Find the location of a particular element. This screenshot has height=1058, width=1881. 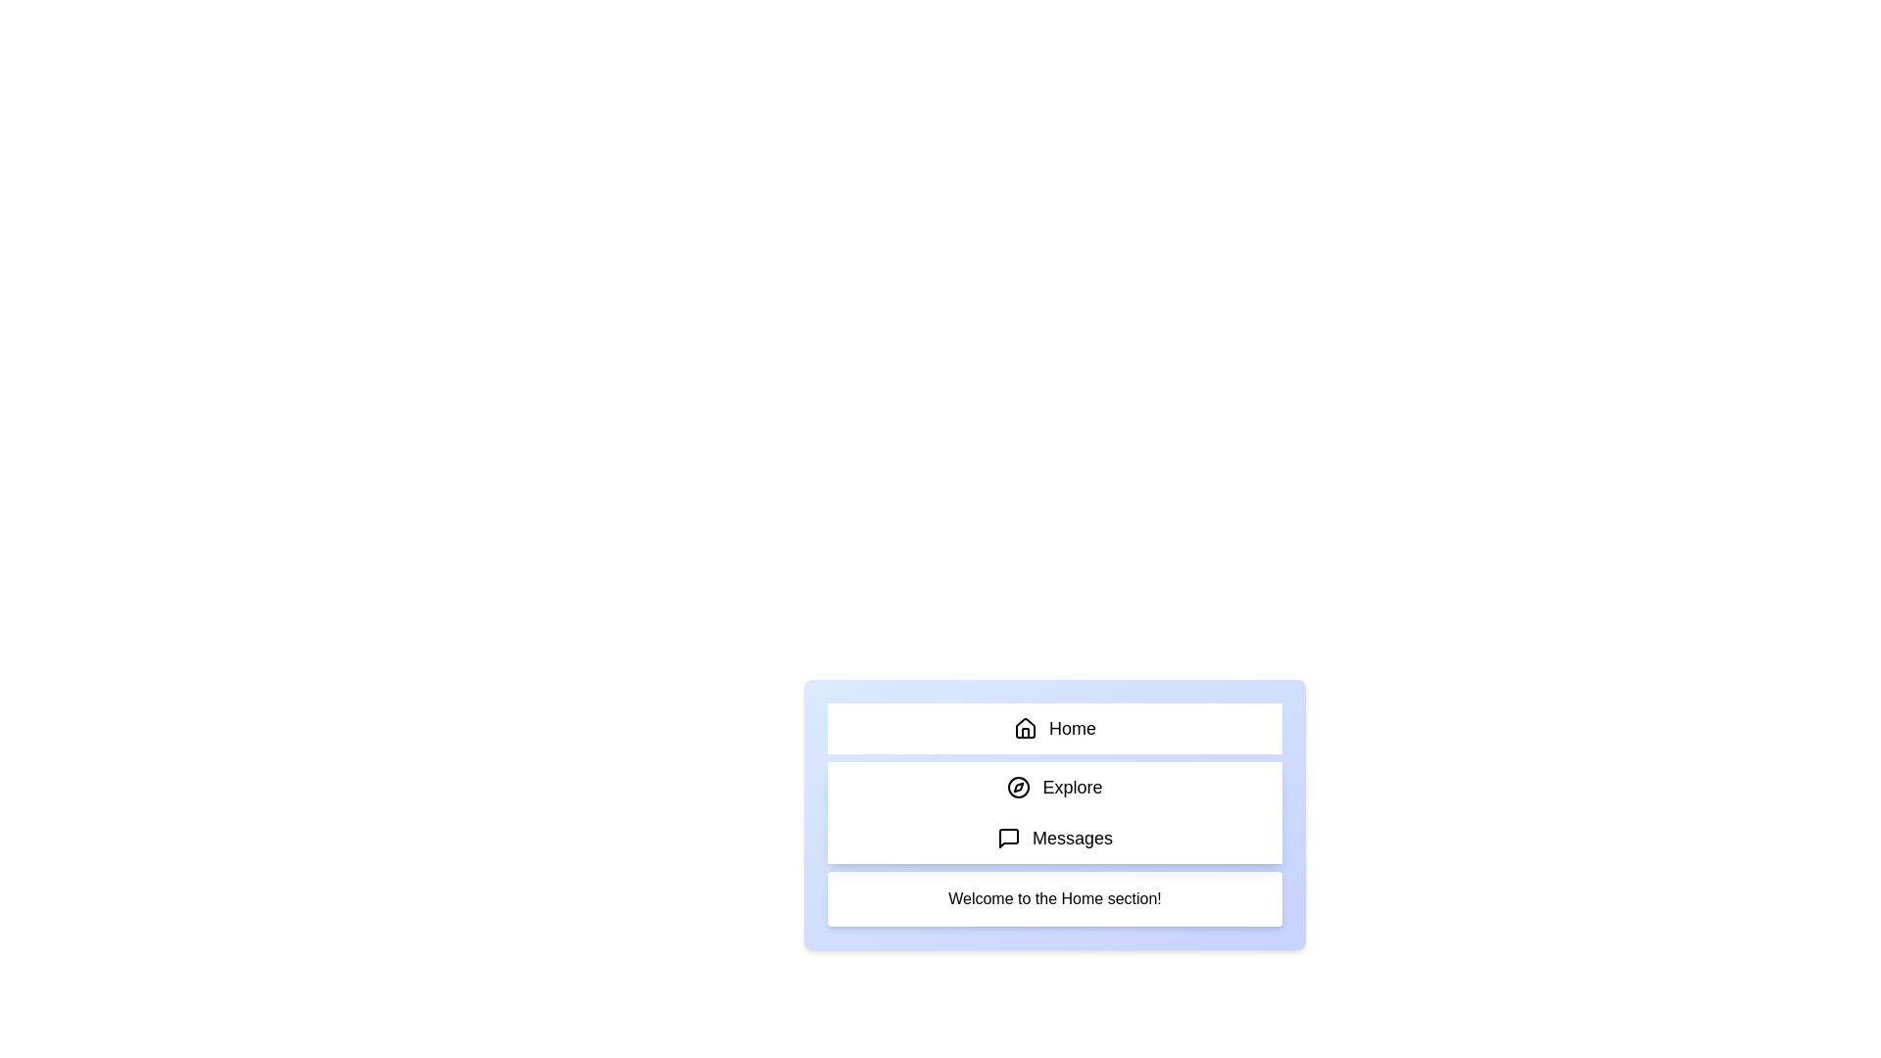

the content area below the tabs and read the displayed text is located at coordinates (1053, 899).